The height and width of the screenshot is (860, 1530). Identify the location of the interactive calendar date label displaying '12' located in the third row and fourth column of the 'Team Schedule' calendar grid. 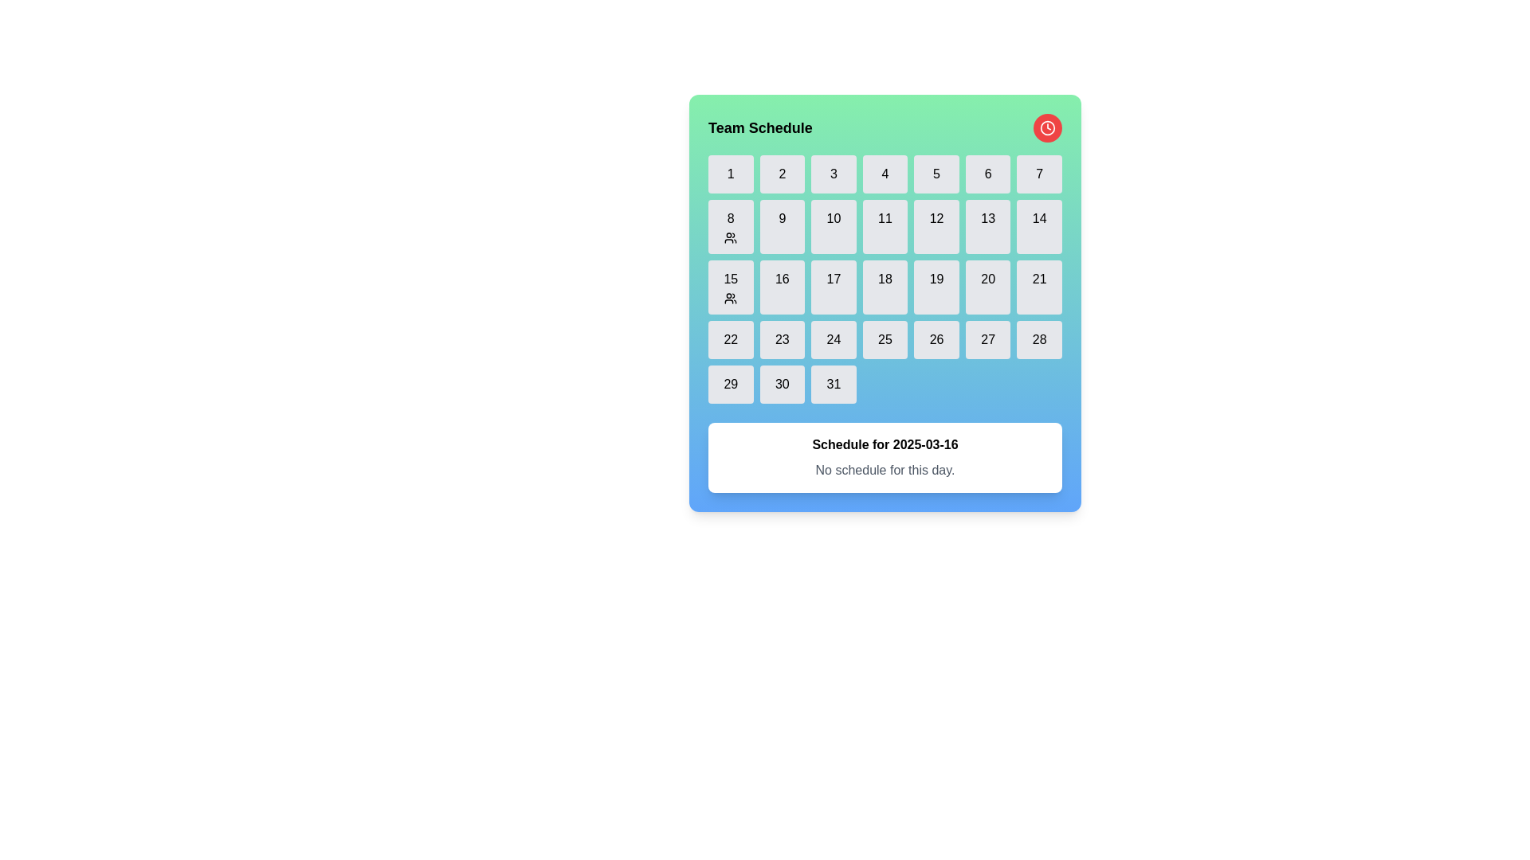
(936, 218).